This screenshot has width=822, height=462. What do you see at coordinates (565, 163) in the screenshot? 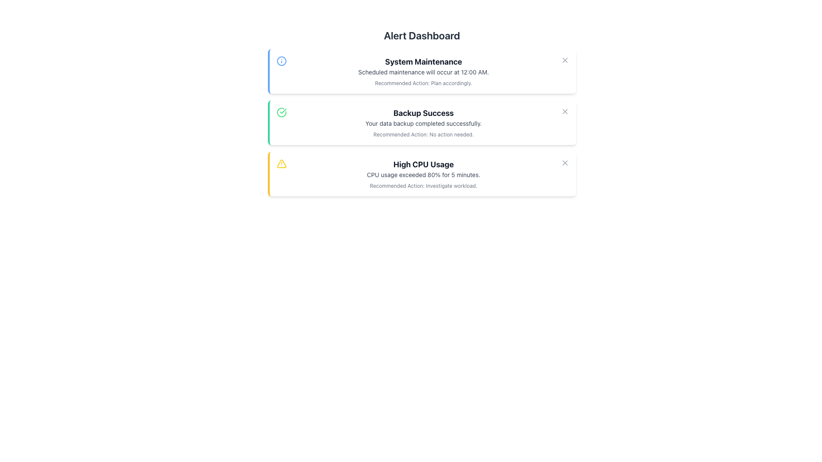
I see `the graphical icon resembling a diagonal cross, which represents a closing action within the 'High CPU Usage' alert notification` at bounding box center [565, 163].